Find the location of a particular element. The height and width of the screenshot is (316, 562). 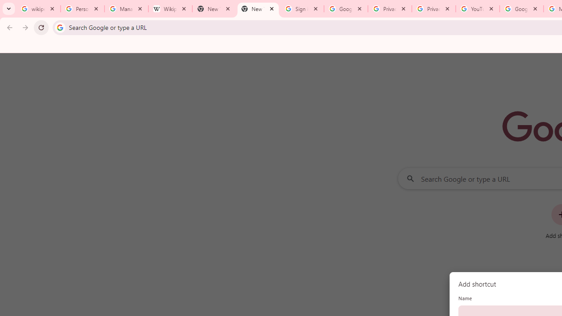

'Manage your Location History - Google Search Help' is located at coordinates (126, 9).